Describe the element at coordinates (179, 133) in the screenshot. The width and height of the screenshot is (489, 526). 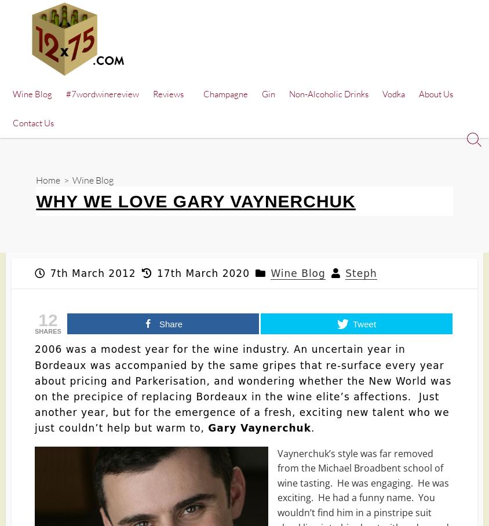
I see `'Wine Aerator'` at that location.